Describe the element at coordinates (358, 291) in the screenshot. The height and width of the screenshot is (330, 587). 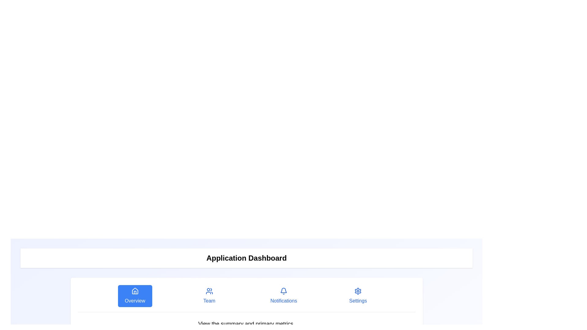
I see `the settings icon located at the far right of the horizontal navigation bar` at that location.